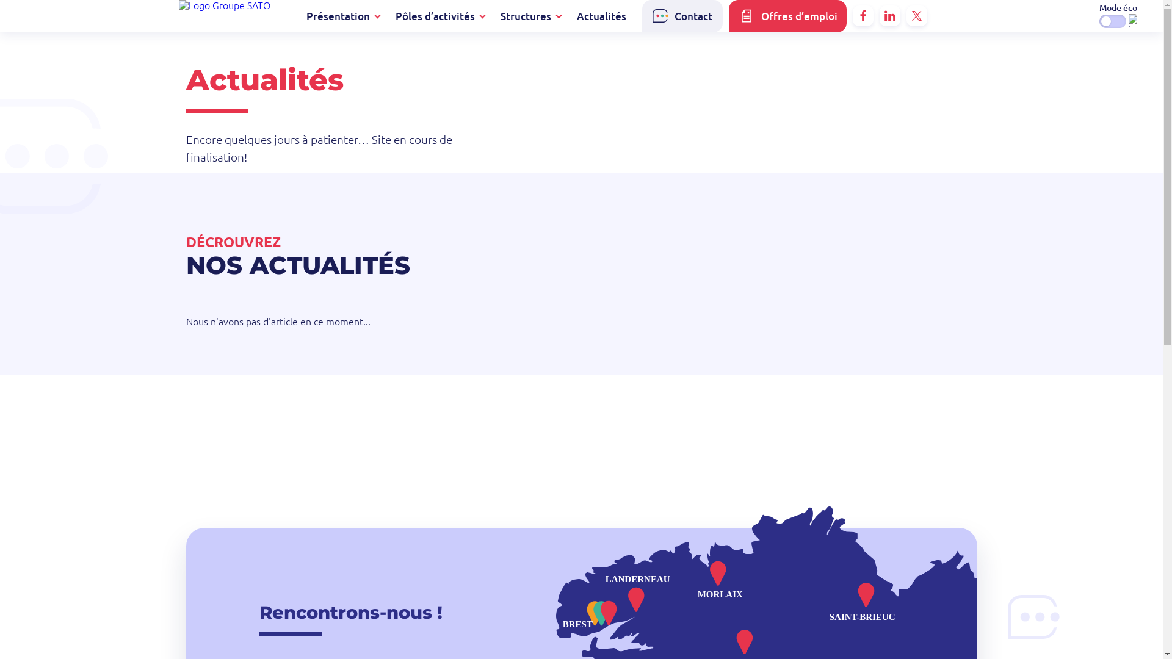 The width and height of the screenshot is (1172, 659). Describe the element at coordinates (526, 16) in the screenshot. I see `'Structures'` at that location.